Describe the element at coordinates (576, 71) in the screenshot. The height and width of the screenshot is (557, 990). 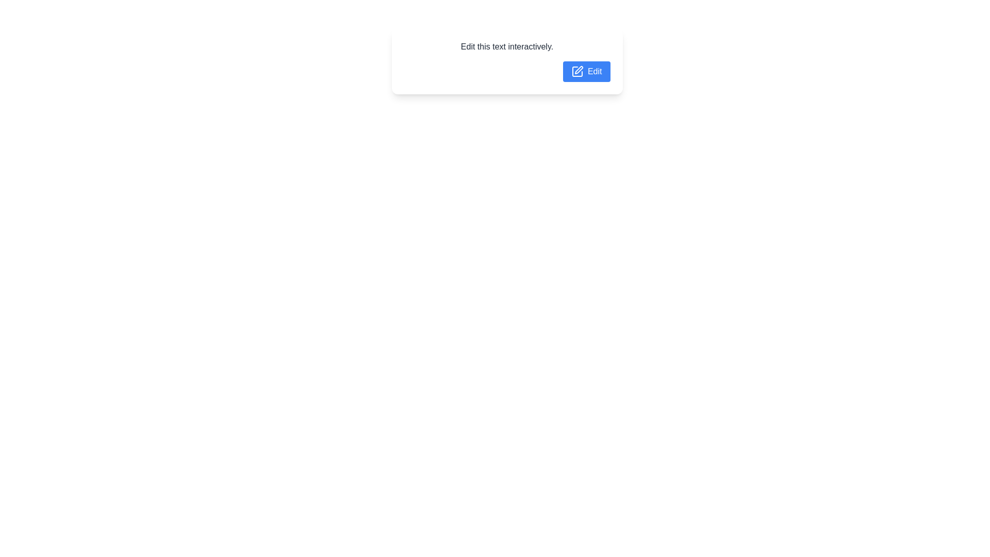
I see `the blue pen icon located to the left of the 'Edit' text inside the blue rectangular button at the bottom-right corner of the card interface` at that location.